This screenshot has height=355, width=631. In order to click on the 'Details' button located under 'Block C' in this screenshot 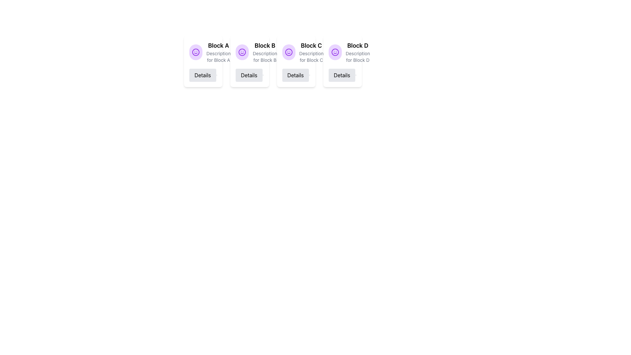, I will do `click(295, 75)`.